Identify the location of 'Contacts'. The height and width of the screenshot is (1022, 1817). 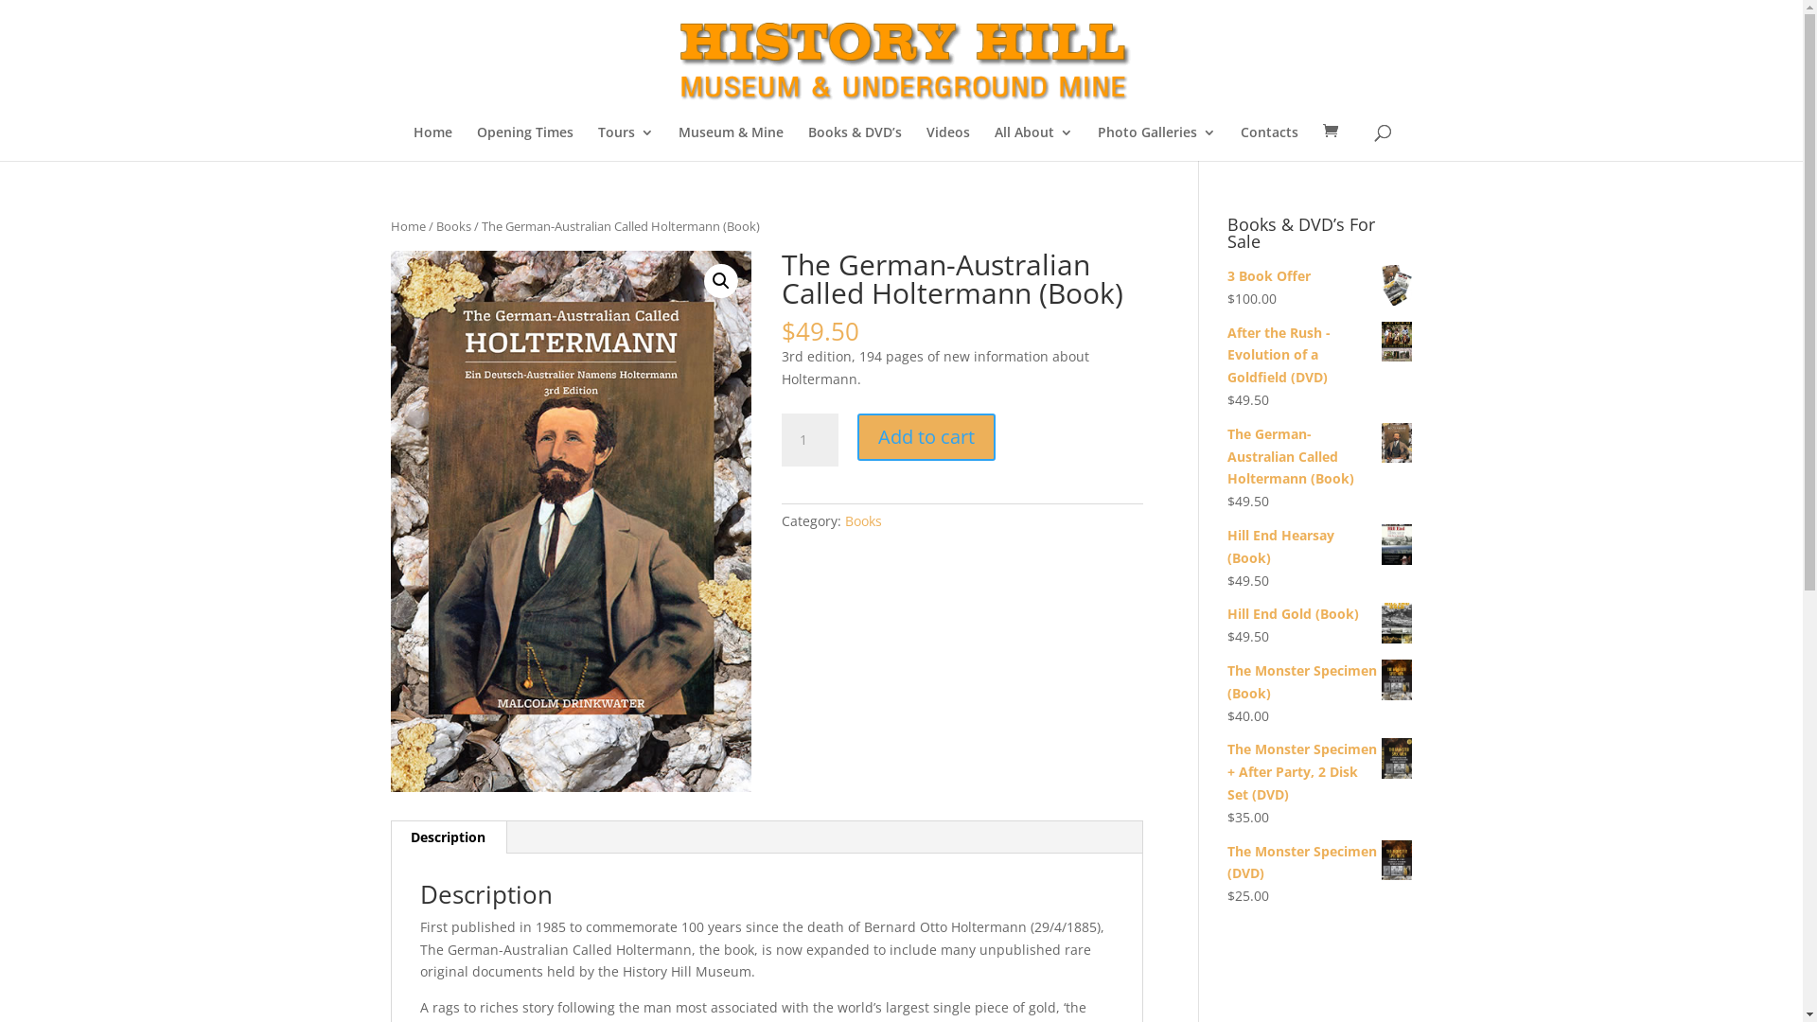
(1269, 142).